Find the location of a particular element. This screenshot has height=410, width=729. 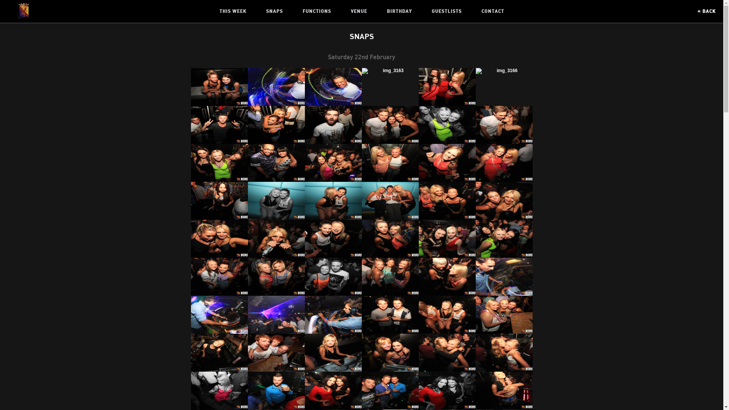

' ' is located at coordinates (447, 391).